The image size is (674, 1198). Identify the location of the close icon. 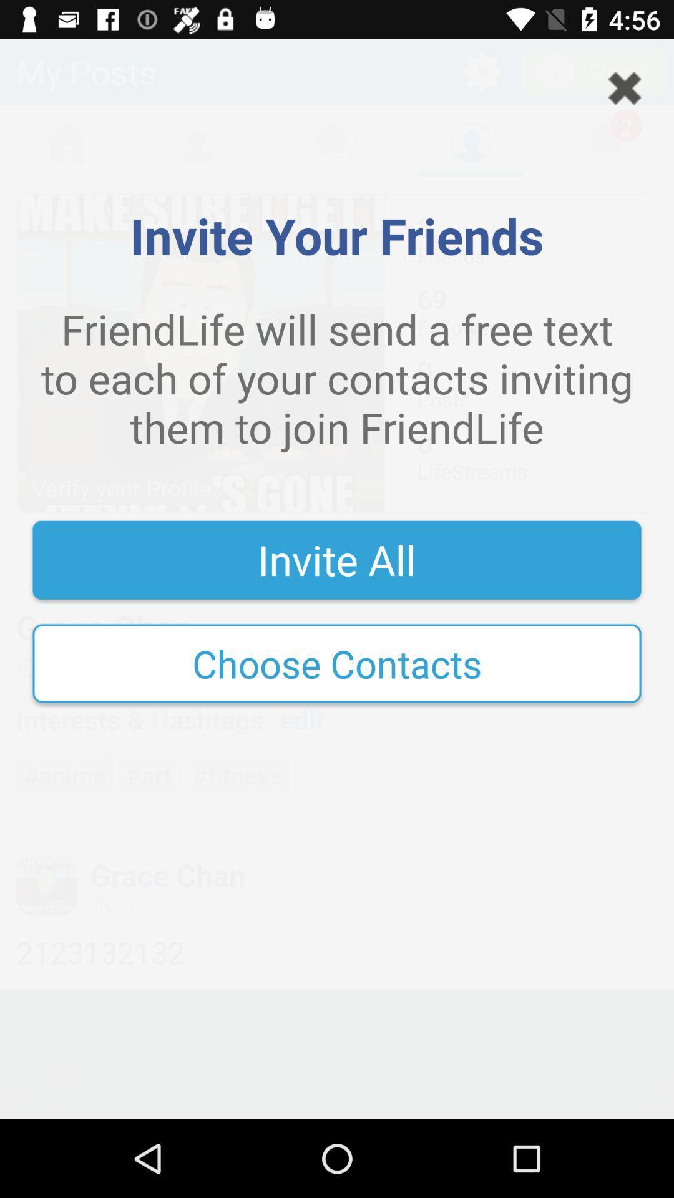
(625, 87).